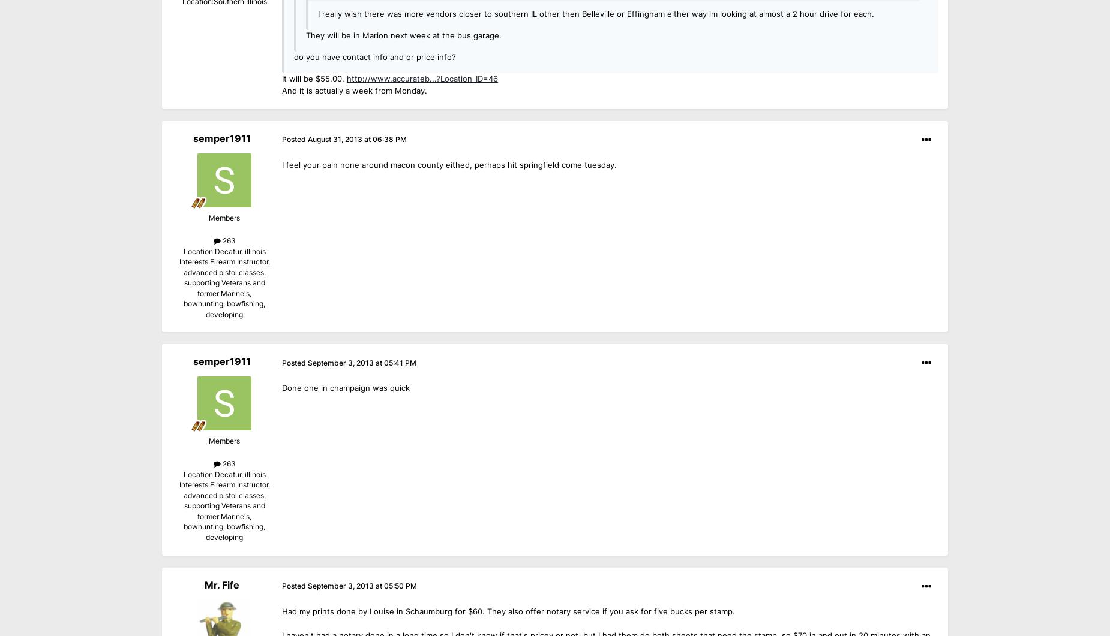 The width and height of the screenshot is (1110, 636). Describe the element at coordinates (346, 79) in the screenshot. I see `'http://www.accurateb...?Location_ID=46'` at that location.